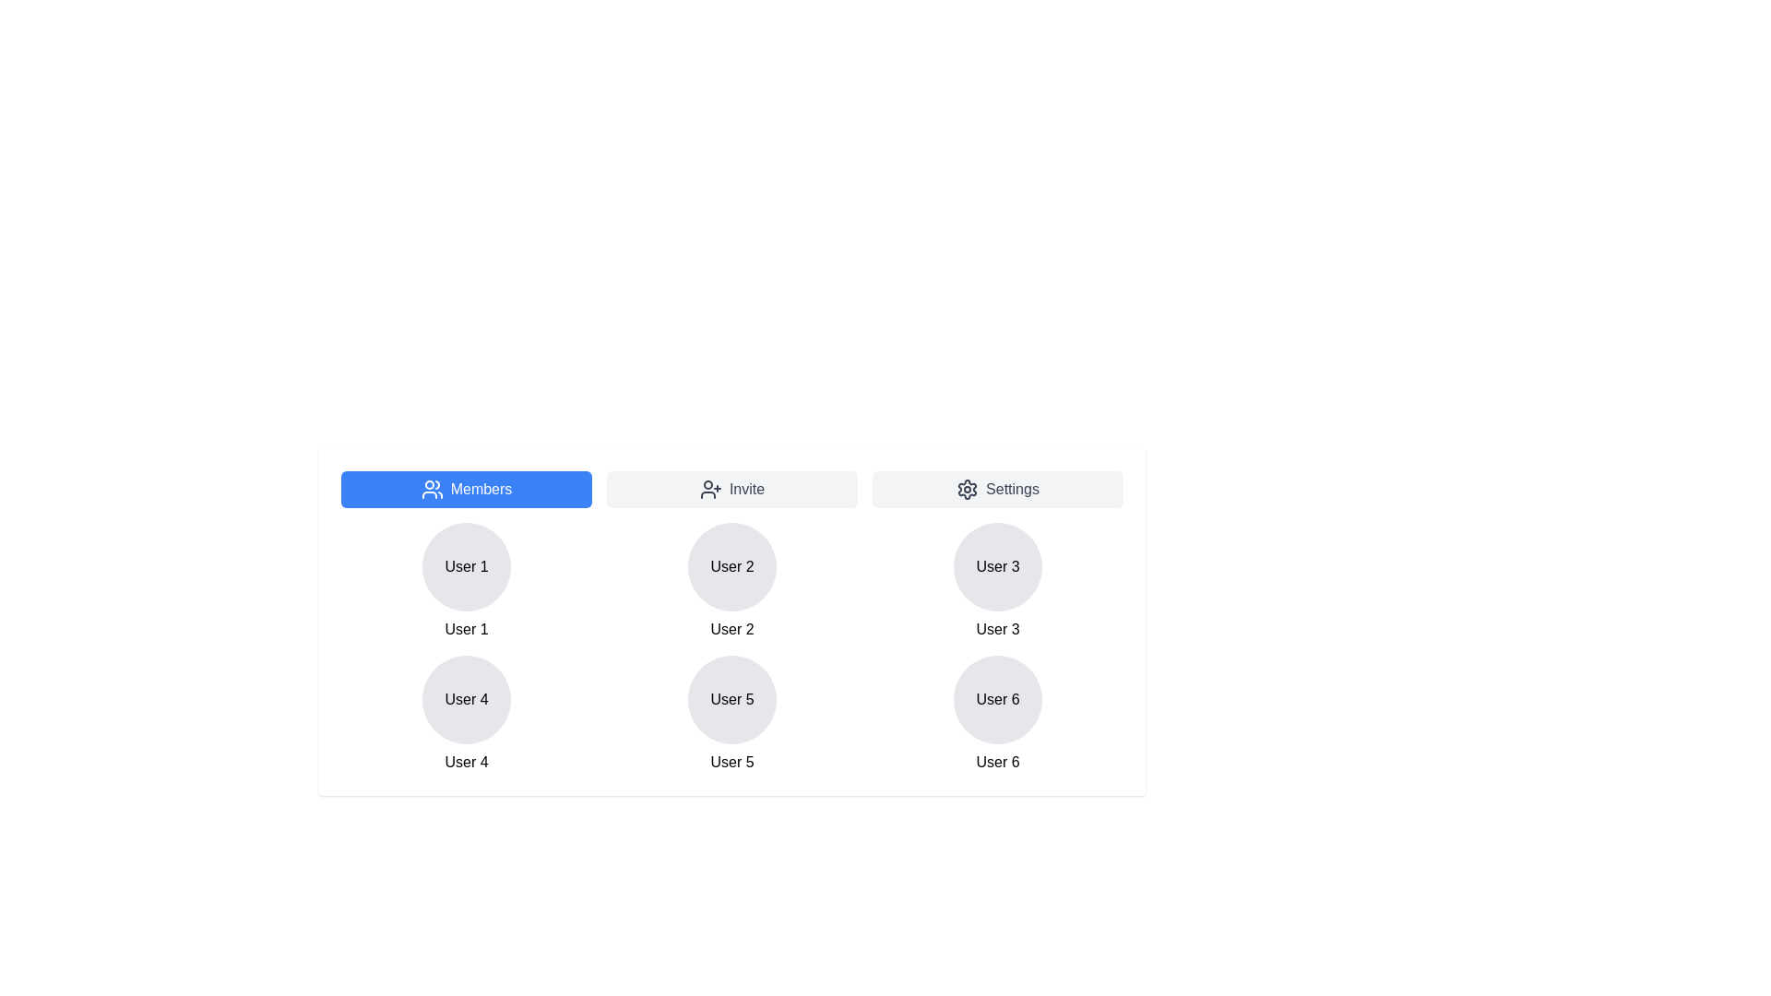 This screenshot has width=1771, height=996. I want to click on the static text label displaying 'User 3', located in the third column of the grid layout, directly below the circular avatar with the same label, so click(996, 628).